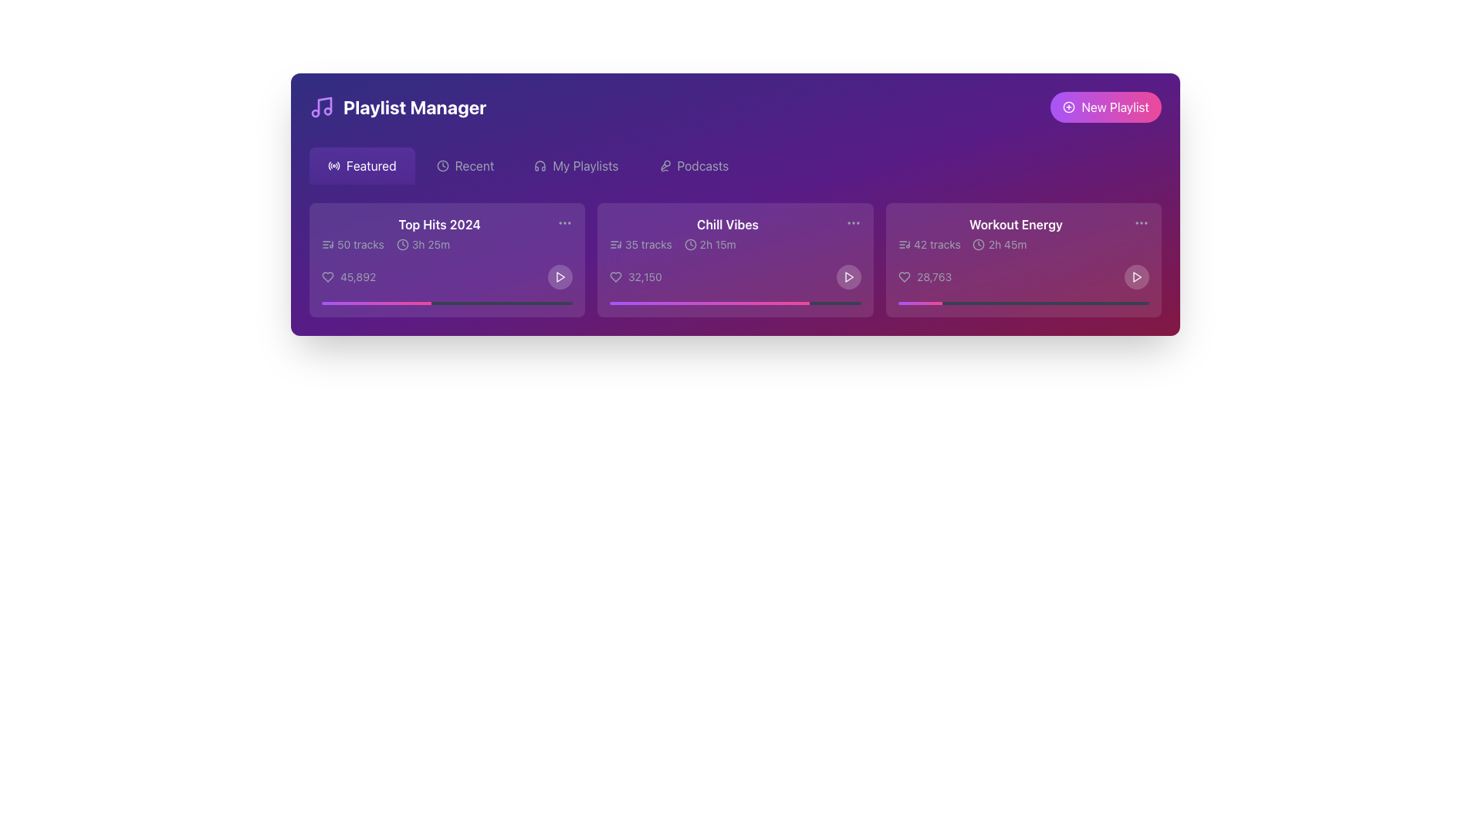 Image resolution: width=1482 pixels, height=834 pixels. Describe the element at coordinates (560, 276) in the screenshot. I see `the play button associated with the 'Top Hits 2024' playlist` at that location.